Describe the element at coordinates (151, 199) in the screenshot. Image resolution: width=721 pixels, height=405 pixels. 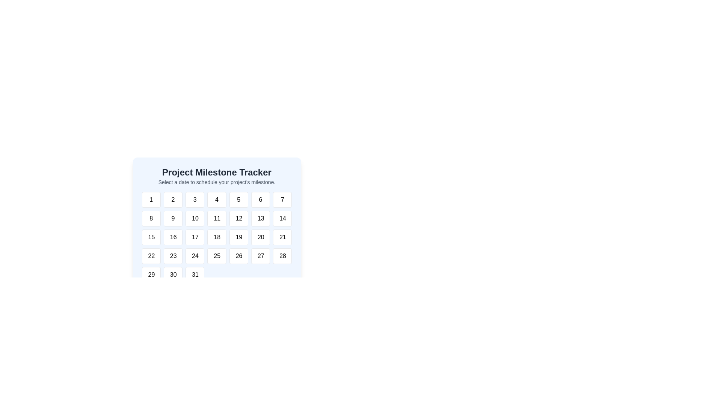
I see `the first button in the calendar interface` at that location.